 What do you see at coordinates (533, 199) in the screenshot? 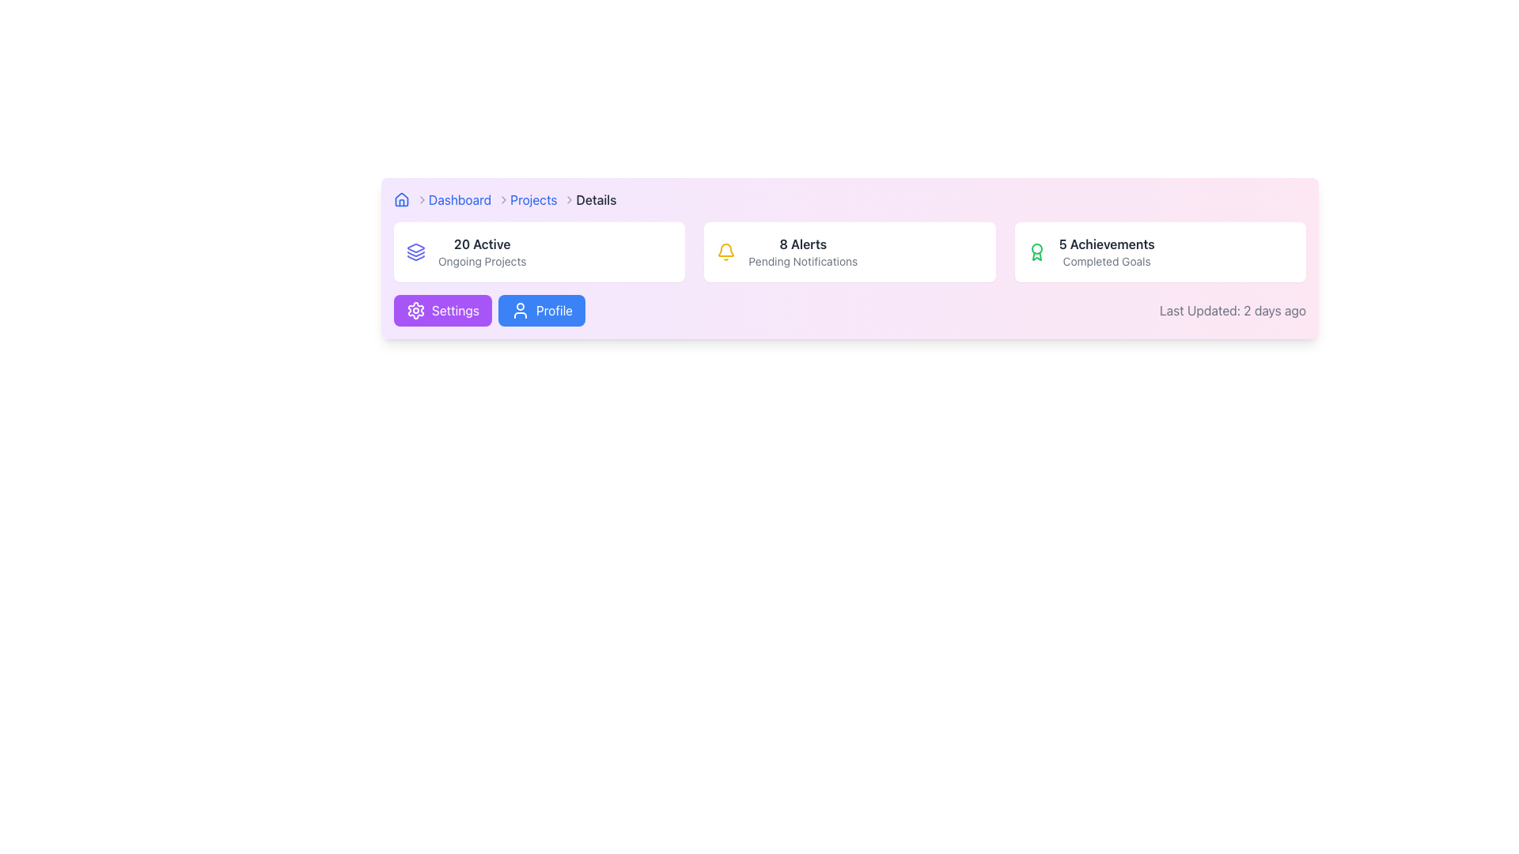
I see `the 'Projects' navigation link in the breadcrumb navigation` at bounding box center [533, 199].